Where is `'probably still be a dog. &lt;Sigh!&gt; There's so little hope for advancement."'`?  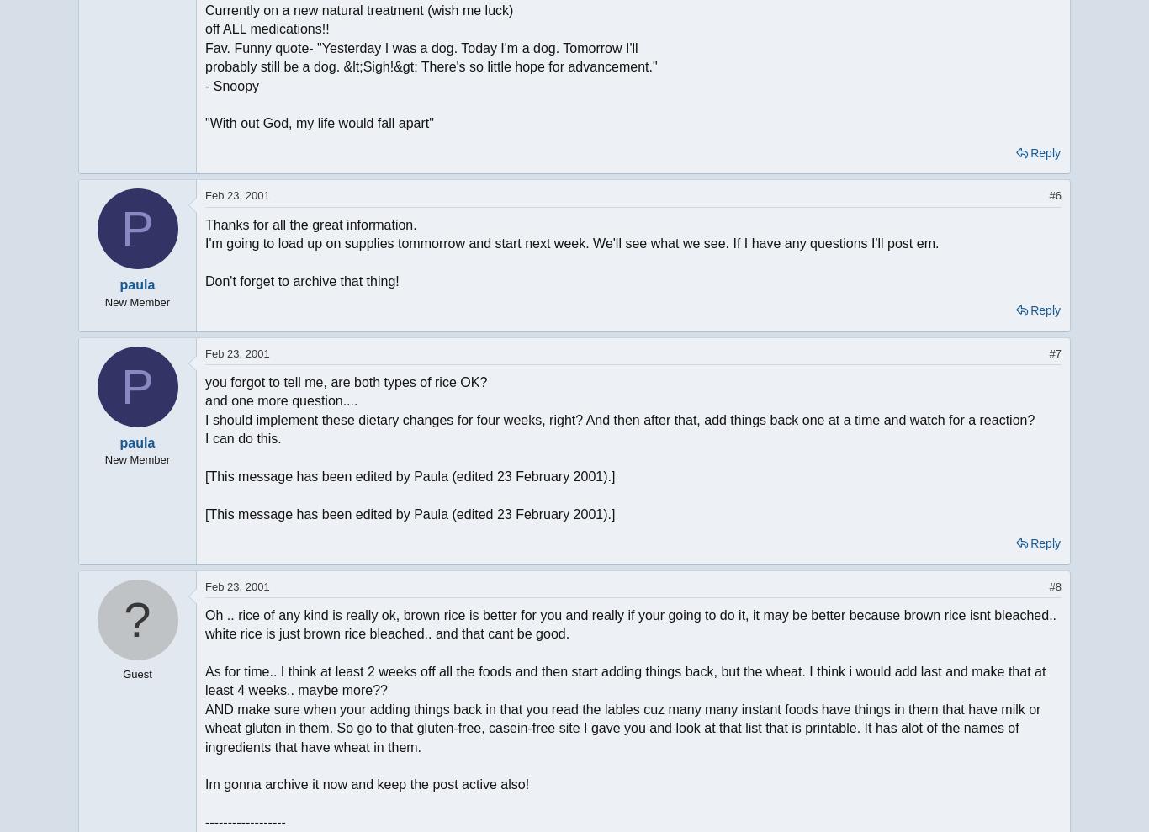 'probably still be a dog. &lt;Sigh!&gt; There's so little hope for advancement."' is located at coordinates (431, 66).